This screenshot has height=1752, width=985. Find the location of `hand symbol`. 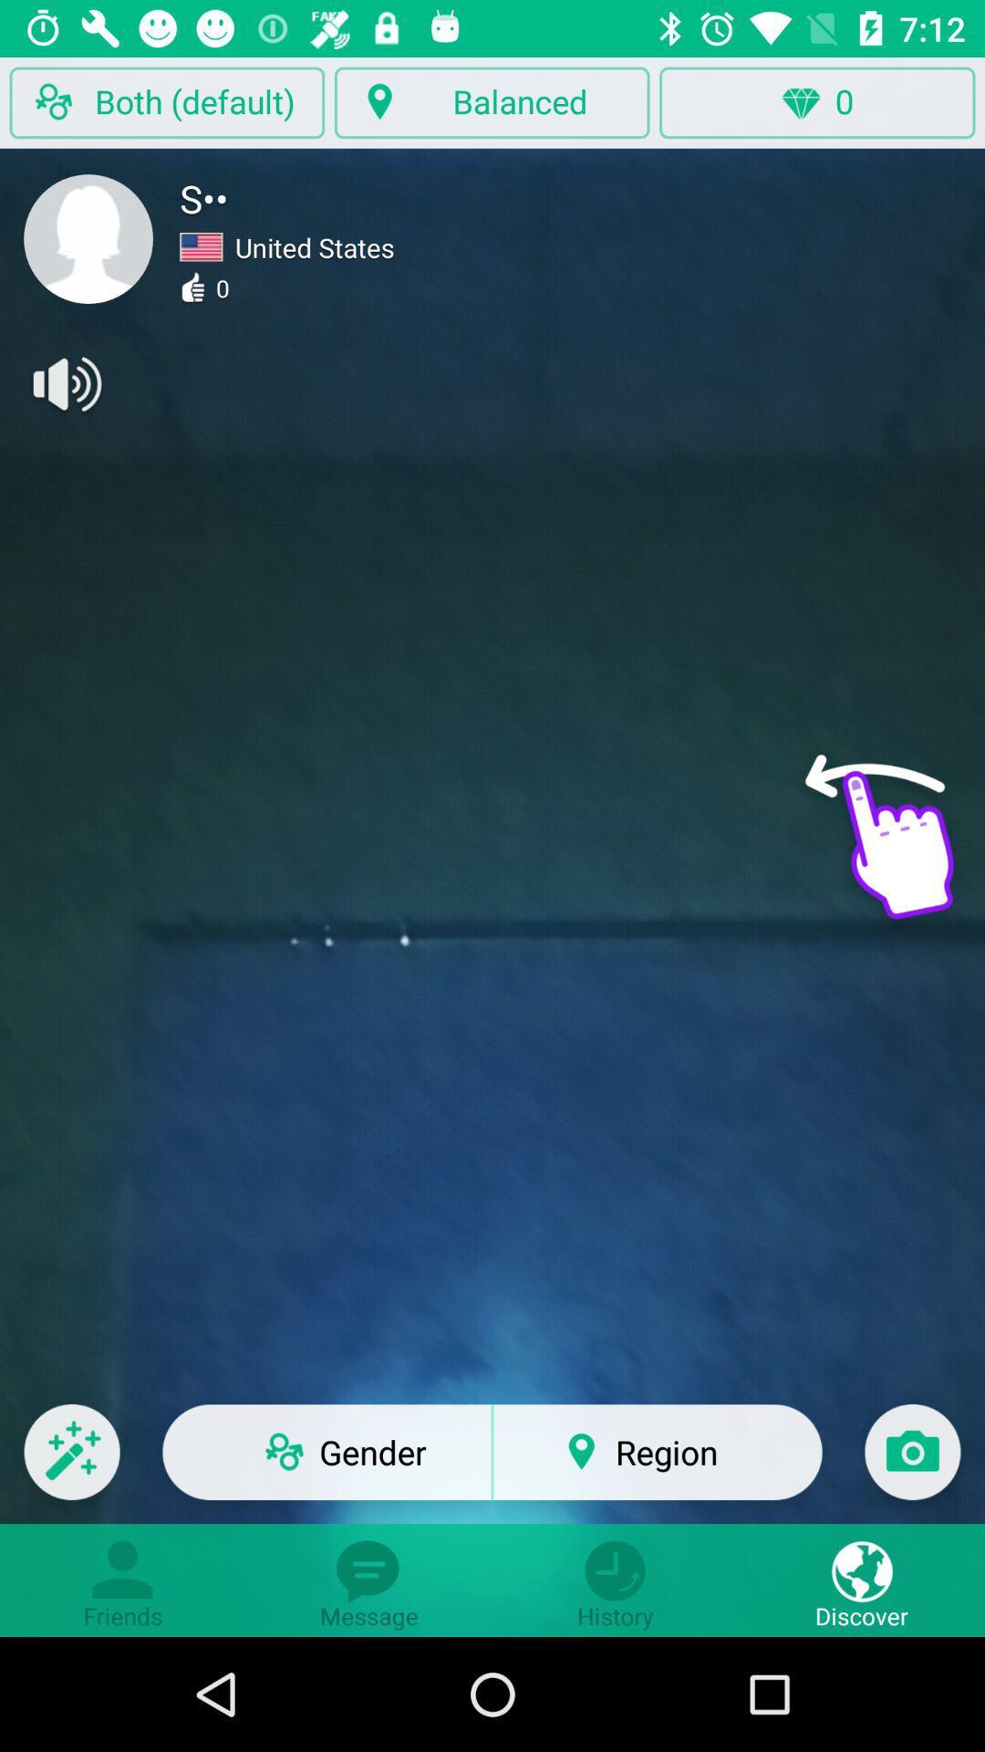

hand symbol is located at coordinates (878, 845).